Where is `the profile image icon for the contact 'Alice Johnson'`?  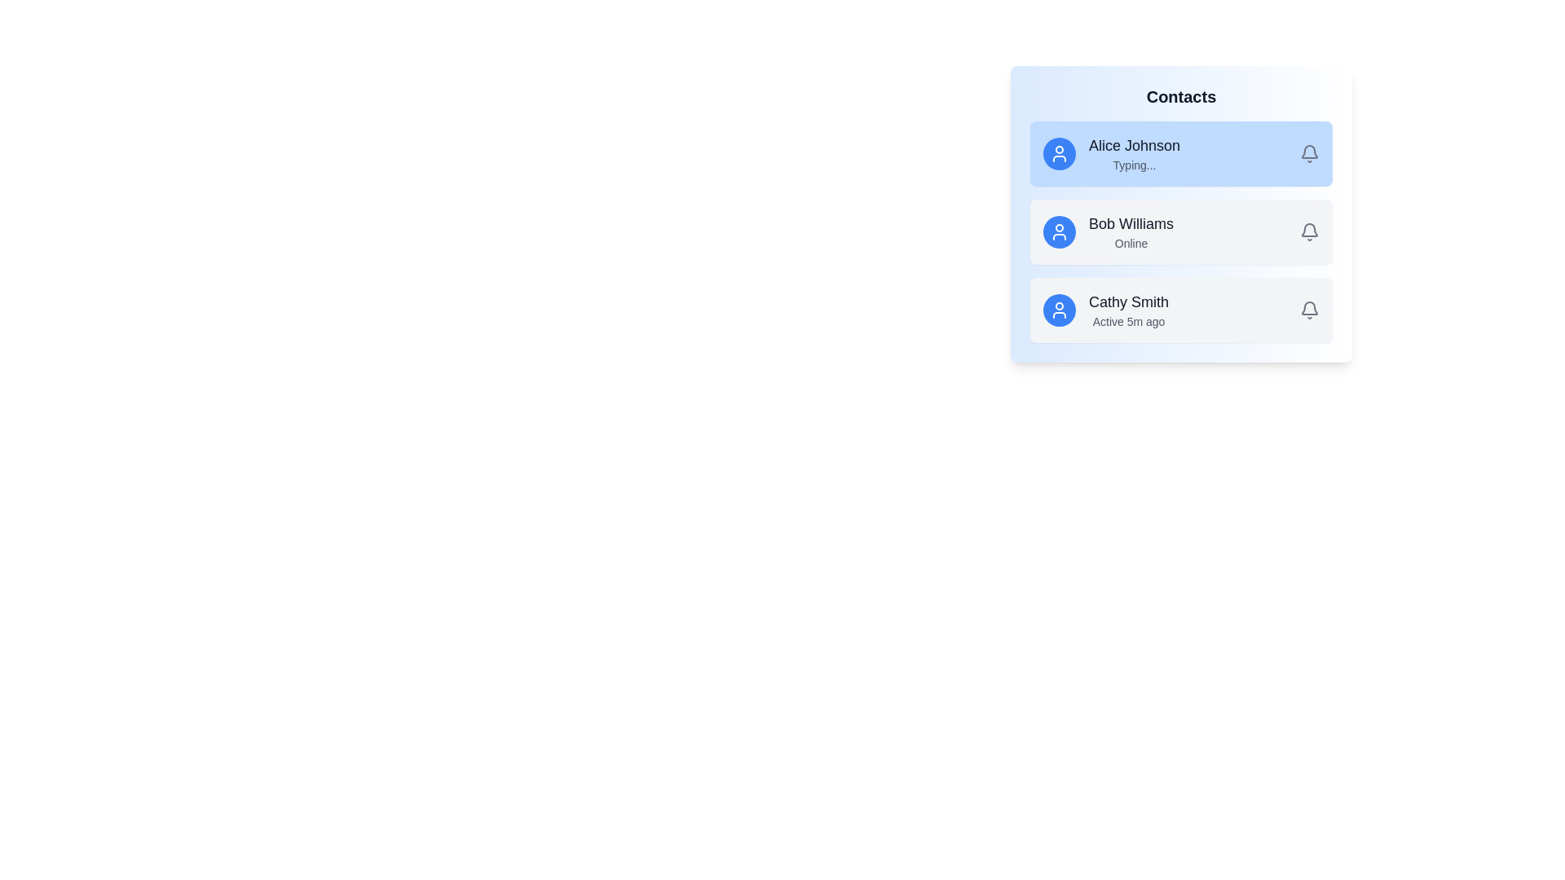
the profile image icon for the contact 'Alice Johnson' is located at coordinates (1060, 154).